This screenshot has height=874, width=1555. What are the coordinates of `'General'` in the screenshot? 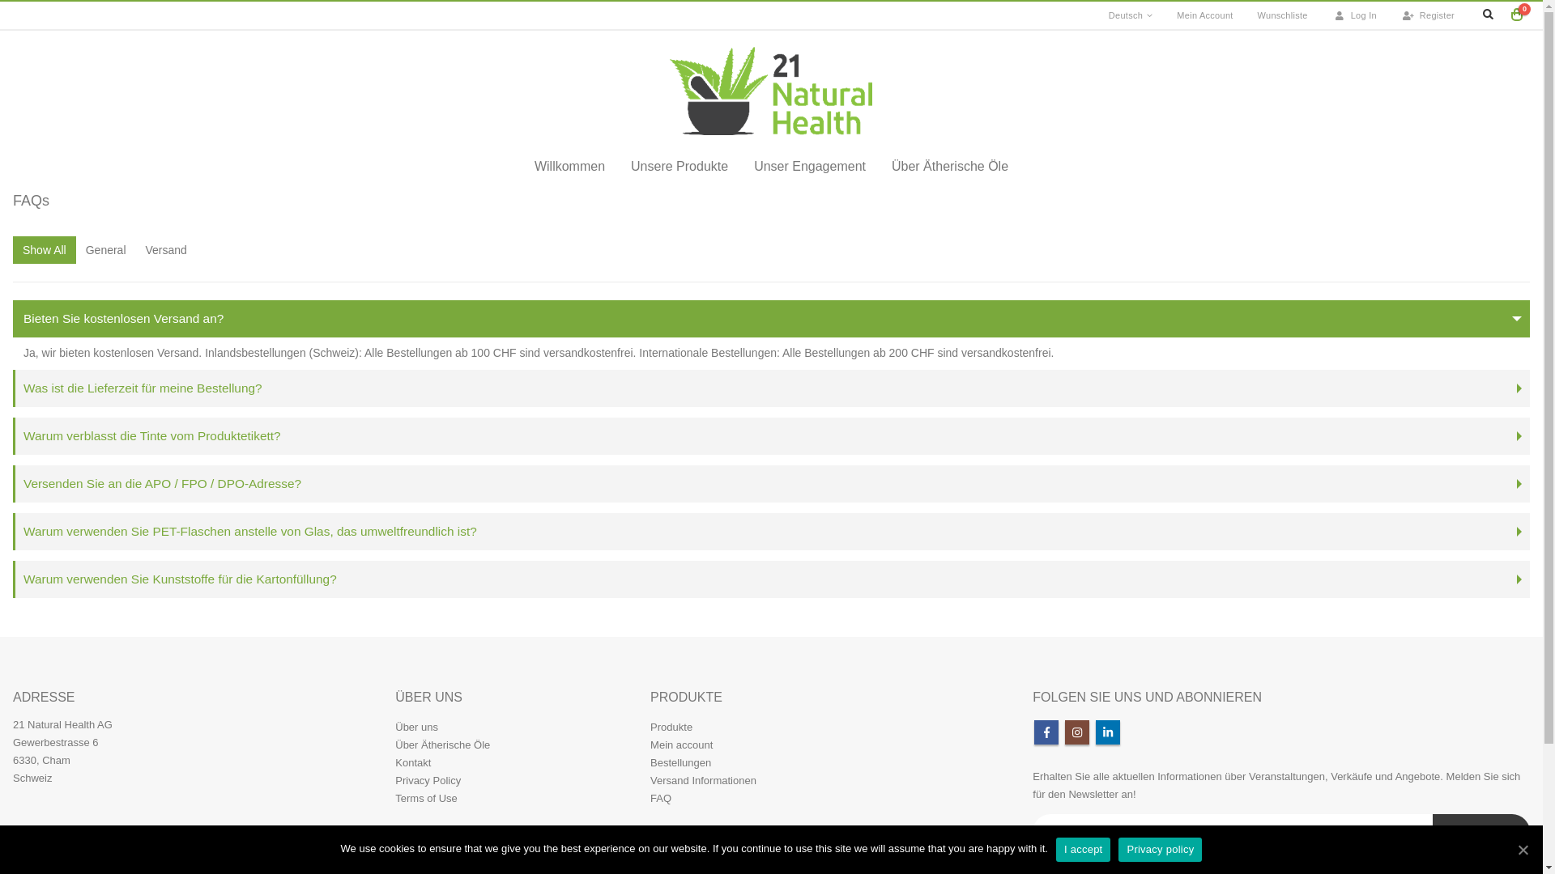 It's located at (104, 249).